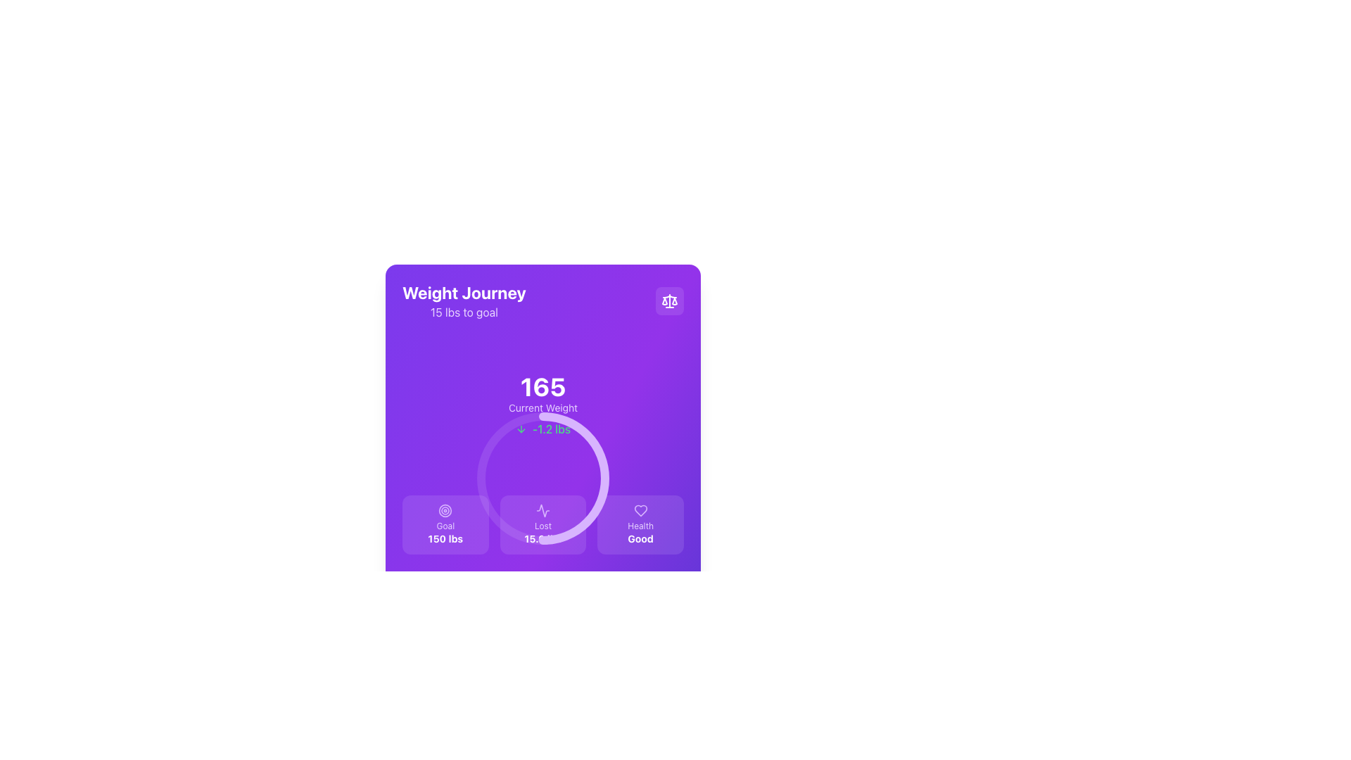 This screenshot has height=760, width=1351. What do you see at coordinates (445, 510) in the screenshot?
I see `the circular icon composed of concentric circles in the 'Goal 150 lbs' card` at bounding box center [445, 510].